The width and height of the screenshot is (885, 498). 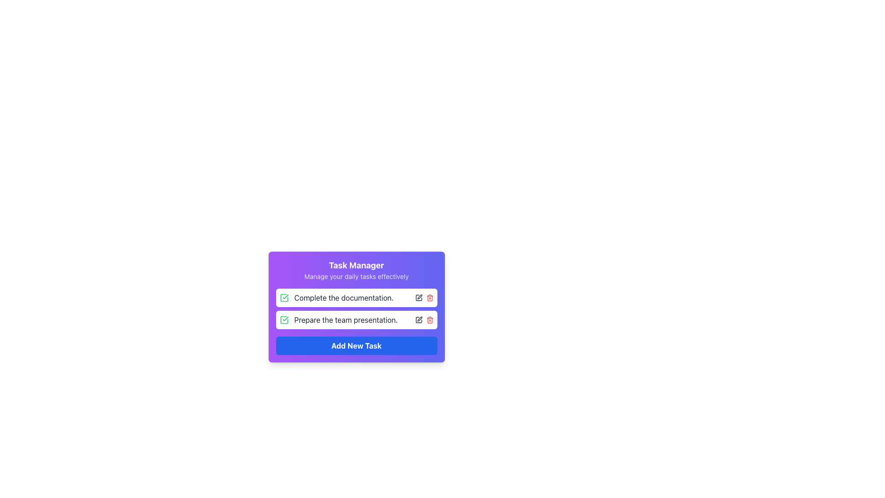 I want to click on the edit icon in the Action Group for the task labeled 'Complete the documentation' in the Task Manager, so click(x=424, y=297).